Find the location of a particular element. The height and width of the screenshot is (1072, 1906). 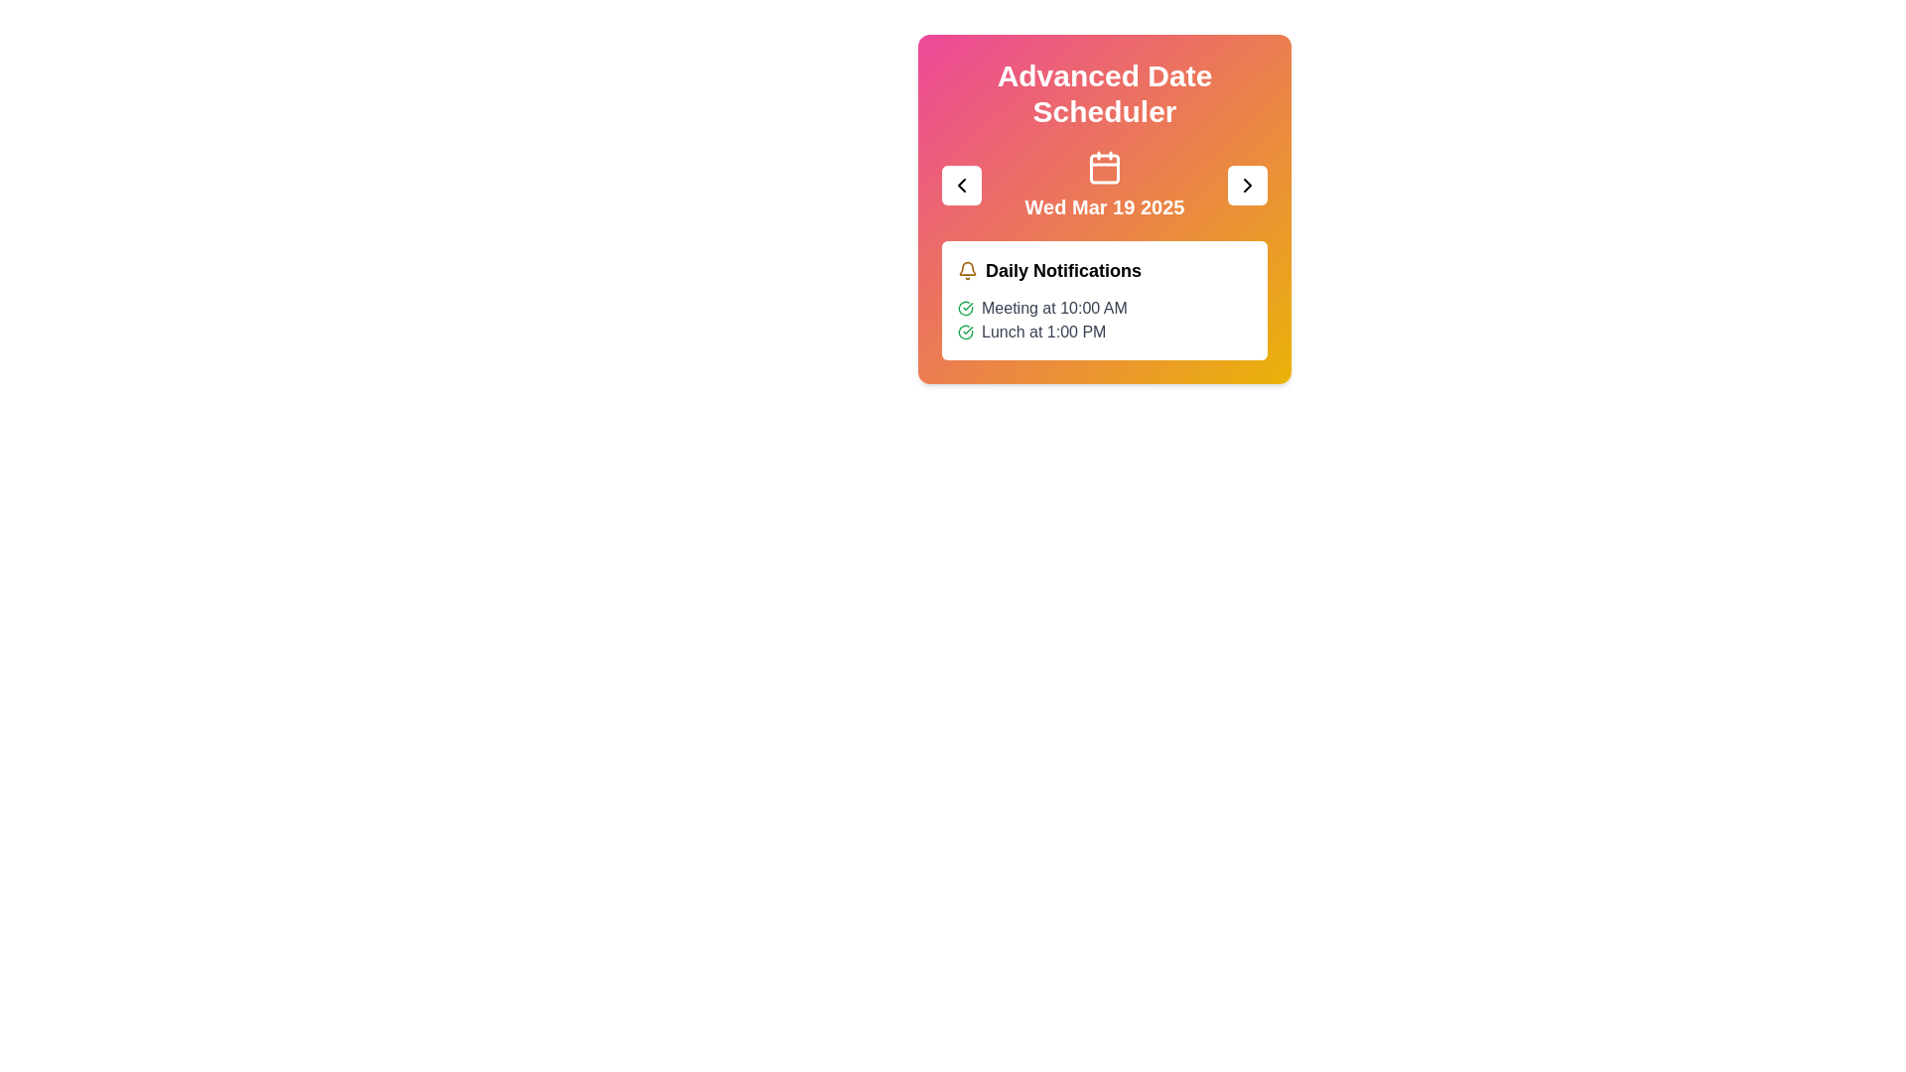

the scheduled meeting notification text label that informs the user about a meeting scheduled at 10:00 AM, located below the 'Daily Notifications' title and aligned with a green checkmark icon is located at coordinates (1053, 309).